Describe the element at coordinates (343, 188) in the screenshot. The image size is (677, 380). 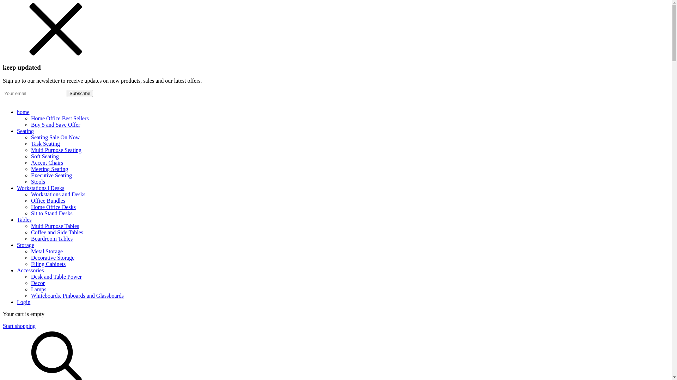
I see `'Workstations | Desks'` at that location.